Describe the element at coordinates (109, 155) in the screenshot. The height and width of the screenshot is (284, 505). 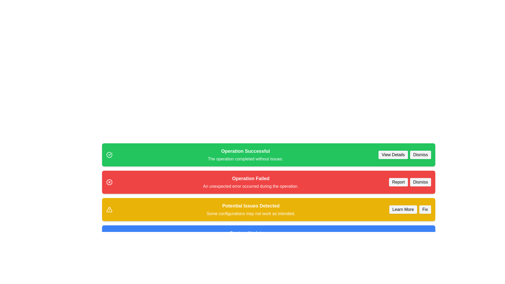
I see `the small circular icon with a check mark inside, which is styled in white on a green background, located at the top-left of the 'Operation Successful' notification card` at that location.